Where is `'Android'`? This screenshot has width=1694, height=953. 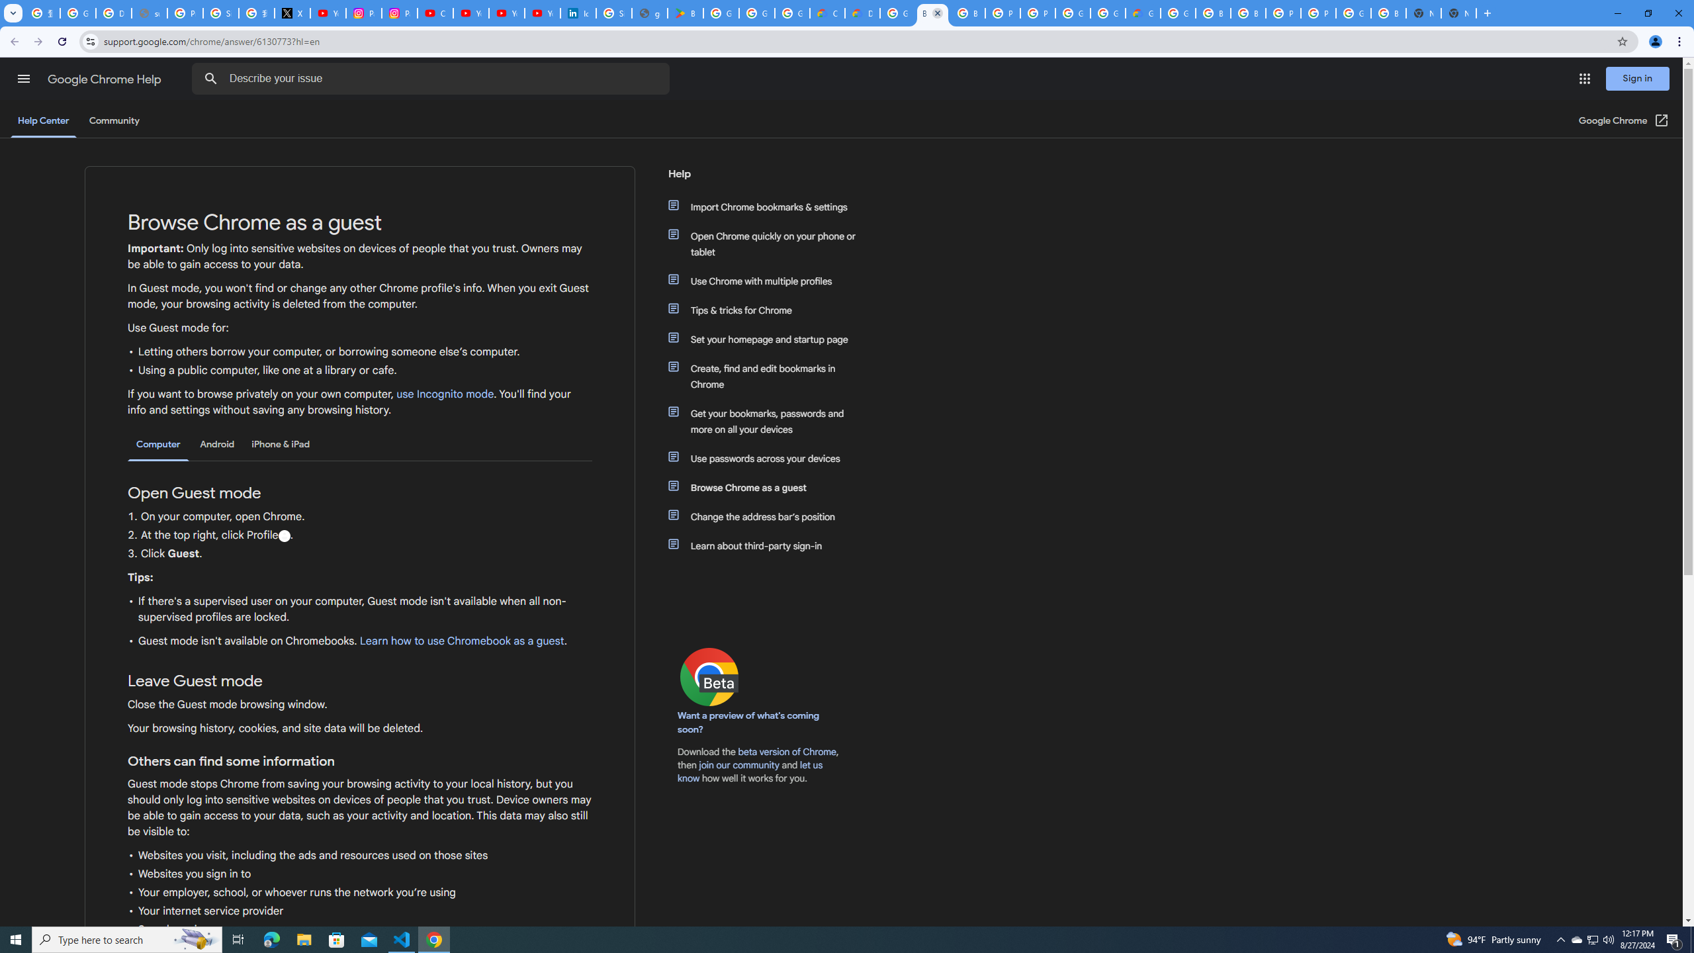 'Android' is located at coordinates (216, 443).